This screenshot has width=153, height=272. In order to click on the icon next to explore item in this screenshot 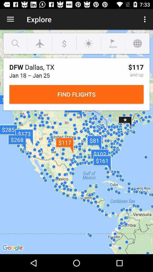, I will do `click(10, 19)`.